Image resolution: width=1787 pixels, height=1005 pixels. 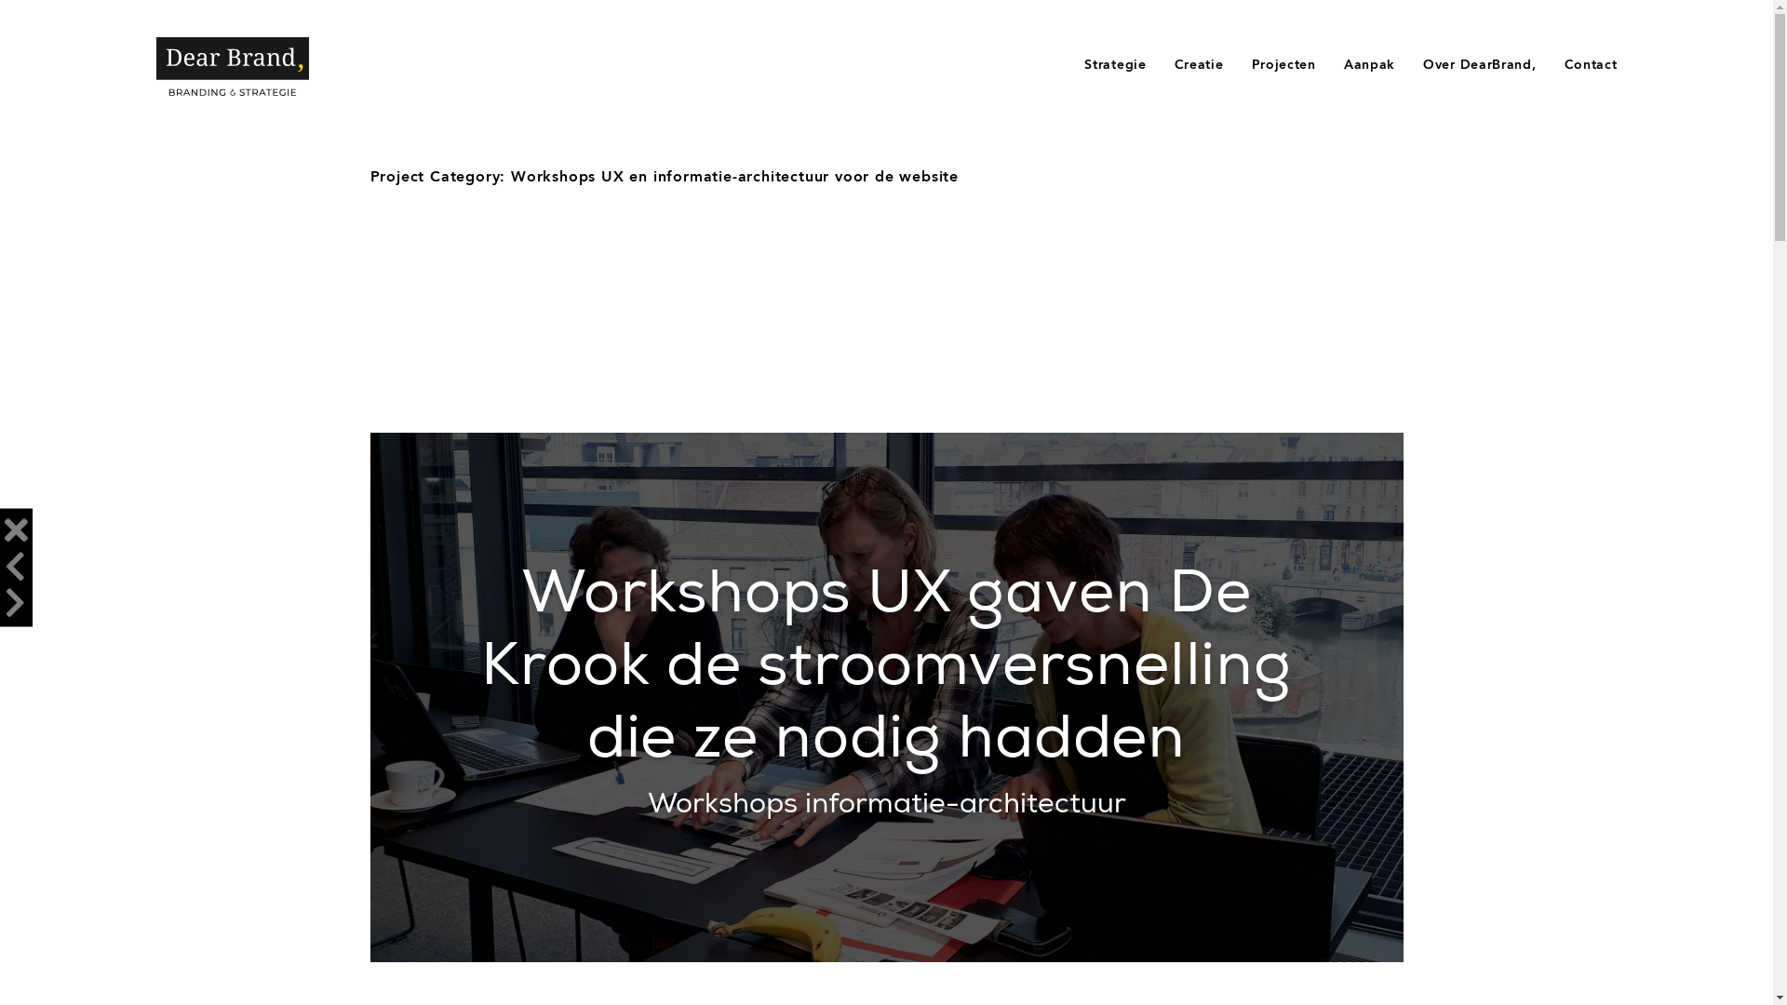 I want to click on 'Projecten', so click(x=1283, y=63).